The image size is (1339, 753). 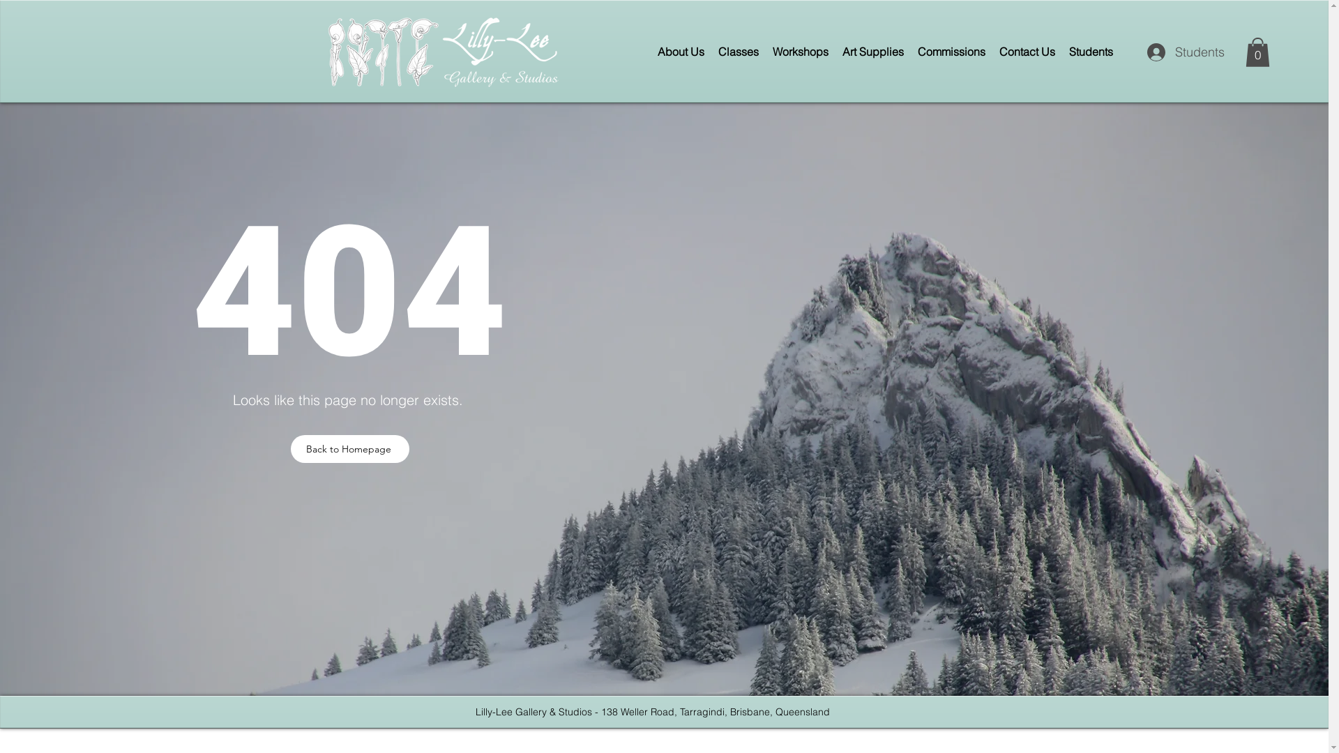 What do you see at coordinates (800, 51) in the screenshot?
I see `'Workshops'` at bounding box center [800, 51].